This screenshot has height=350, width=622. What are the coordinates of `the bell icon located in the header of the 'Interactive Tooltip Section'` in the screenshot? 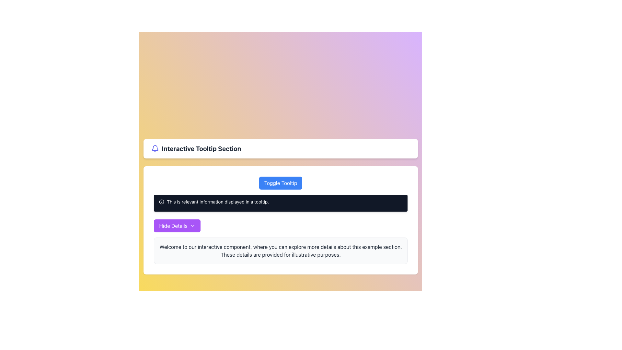 It's located at (155, 149).